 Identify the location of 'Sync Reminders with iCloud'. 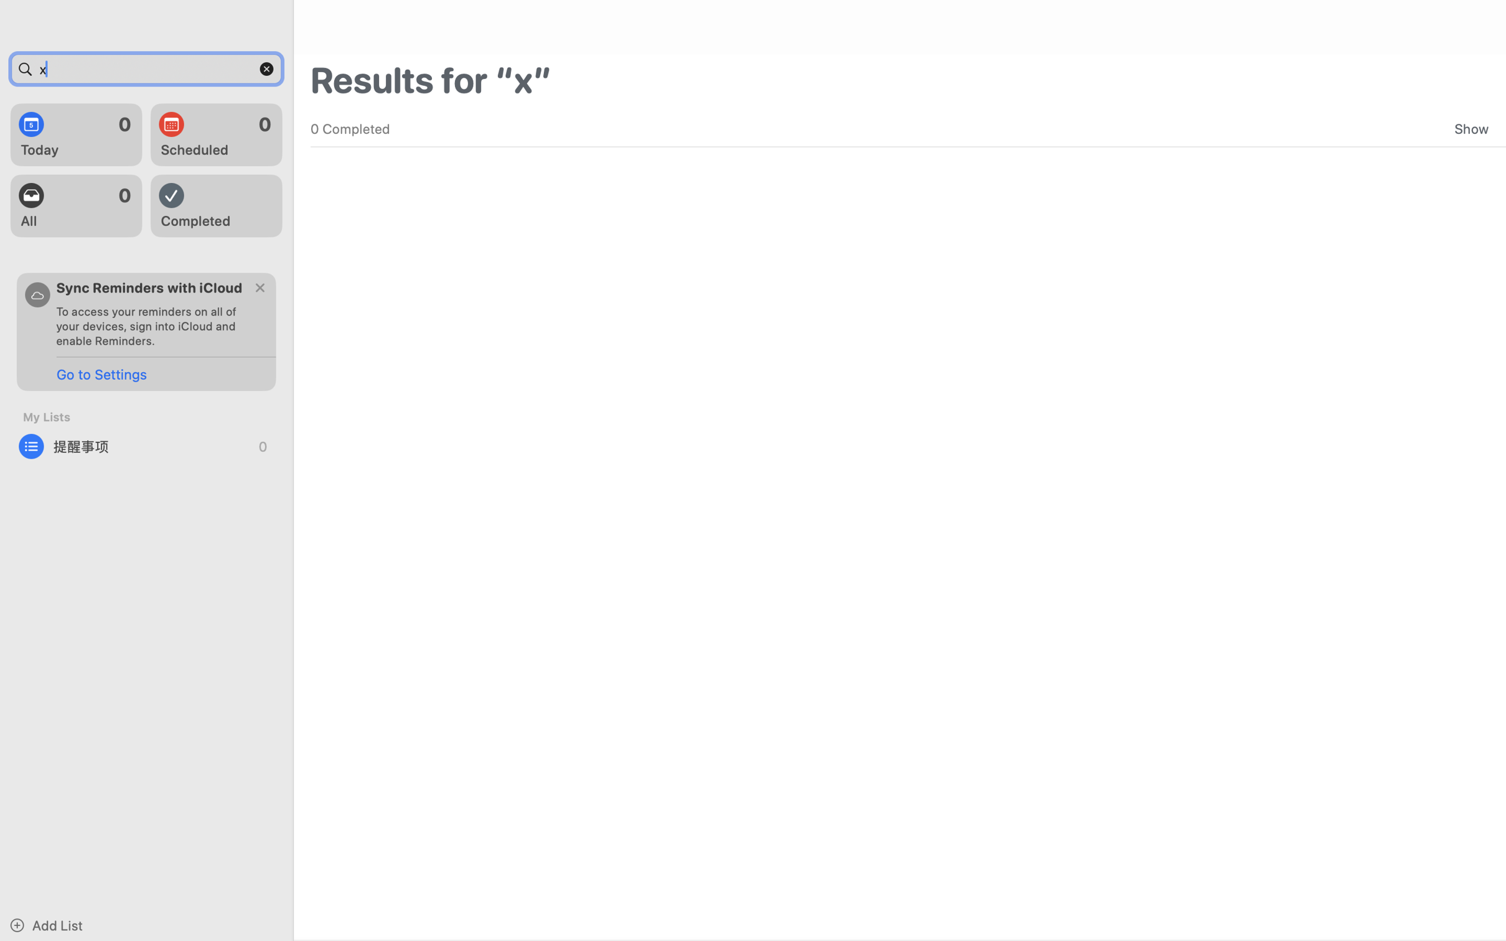
(149, 287).